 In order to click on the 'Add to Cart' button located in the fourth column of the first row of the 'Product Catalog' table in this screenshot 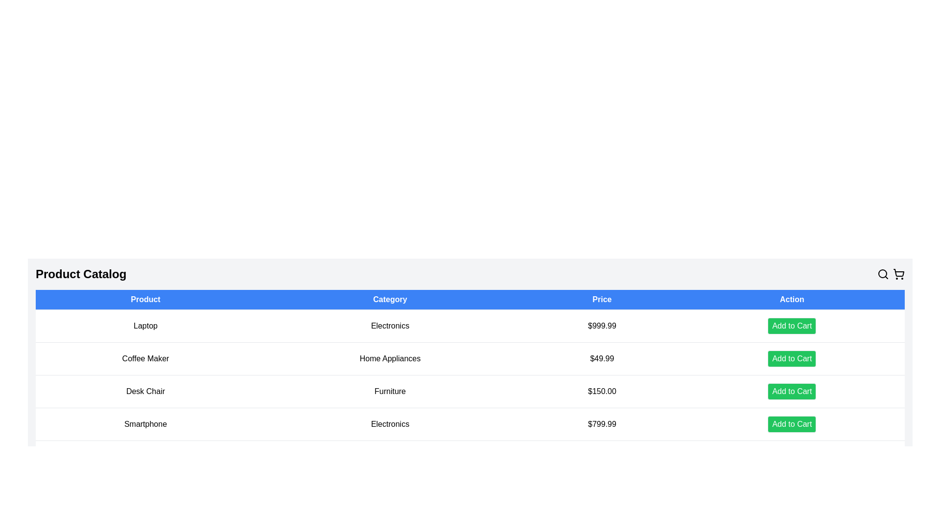, I will do `click(792, 326)`.